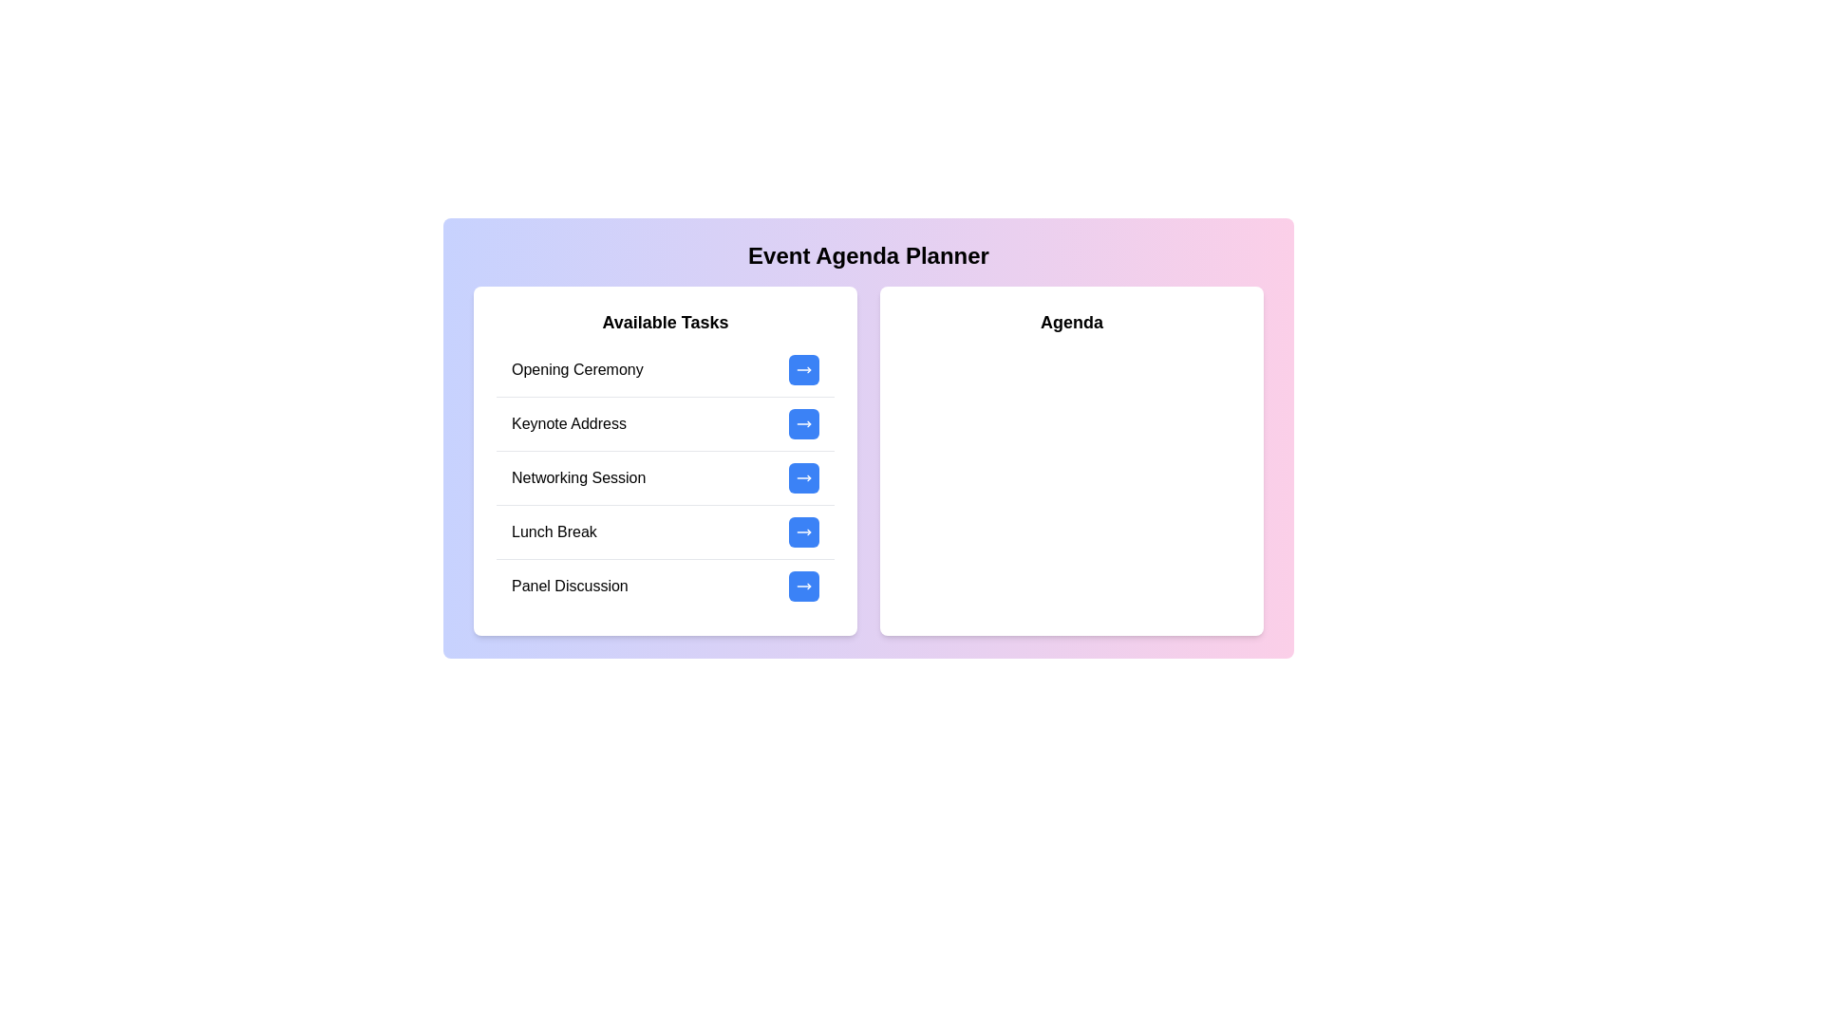  What do you see at coordinates (803, 423) in the screenshot?
I see `the button corresponding to the task 'Keynote Address' in the 'Available Tasks' list to add it to the agenda` at bounding box center [803, 423].